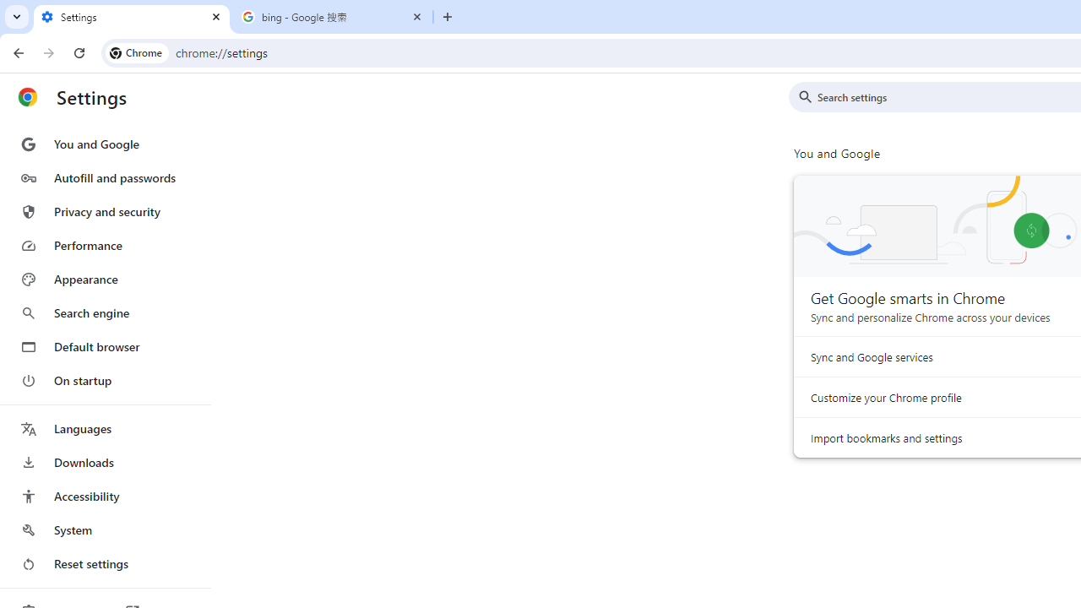 This screenshot has height=608, width=1081. What do you see at coordinates (104, 313) in the screenshot?
I see `'Search engine'` at bounding box center [104, 313].